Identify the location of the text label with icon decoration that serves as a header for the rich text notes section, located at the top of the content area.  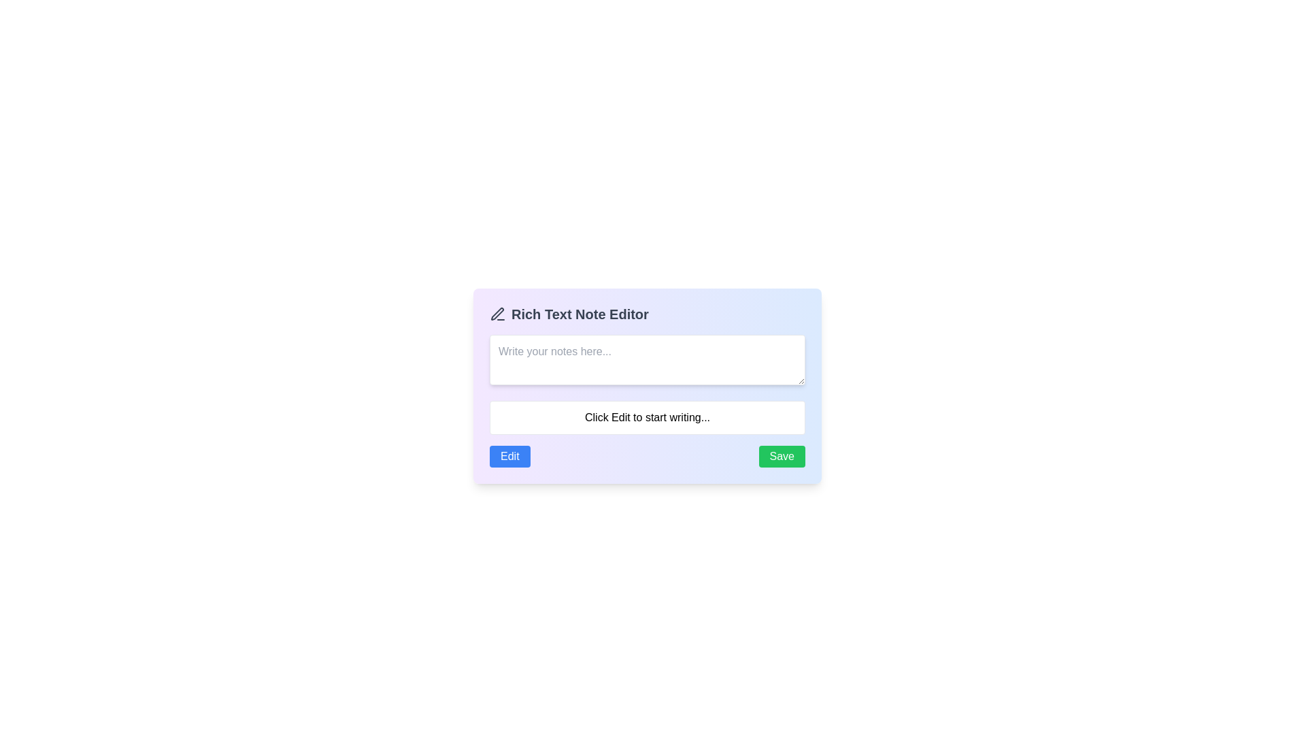
(646, 314).